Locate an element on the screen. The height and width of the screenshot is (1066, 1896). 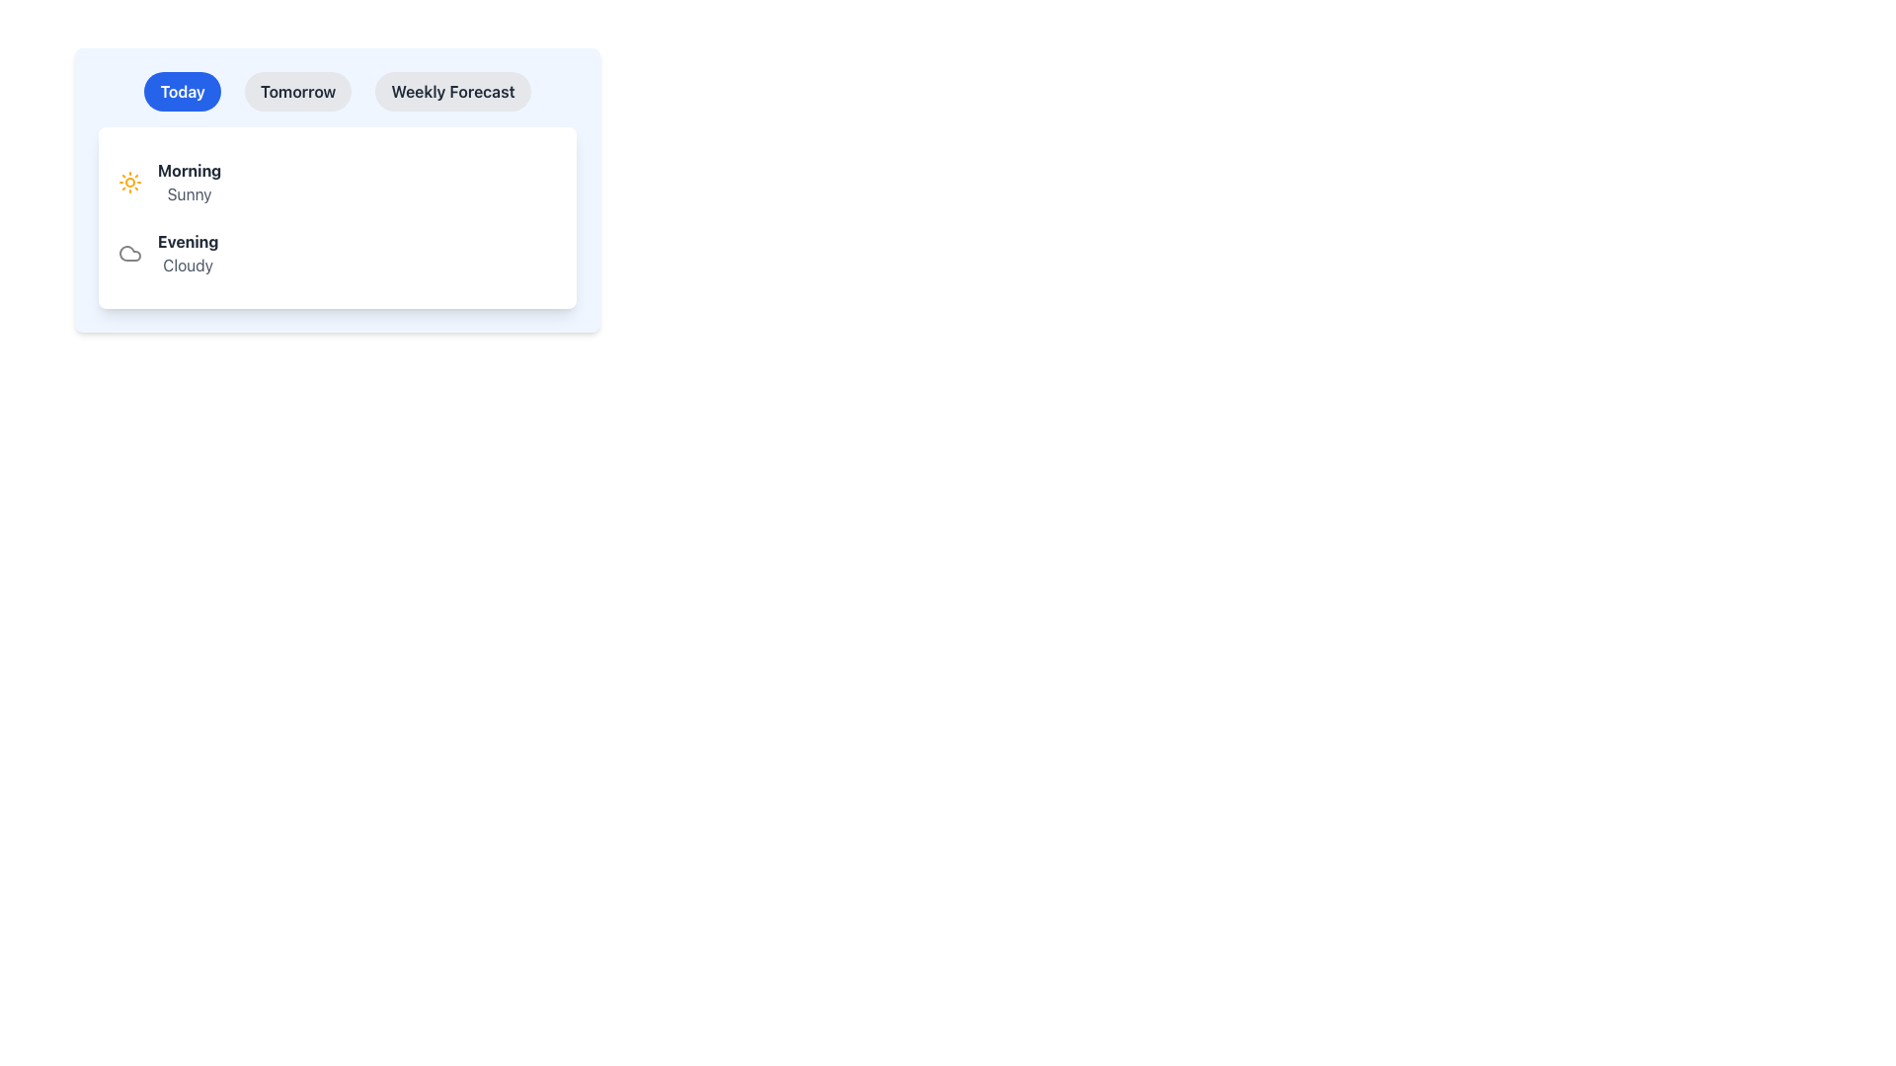
the Text Label describing the evening weather forecast, located below the 'Morning' section and adjacent to the cloudy weather icon is located at coordinates (188, 241).